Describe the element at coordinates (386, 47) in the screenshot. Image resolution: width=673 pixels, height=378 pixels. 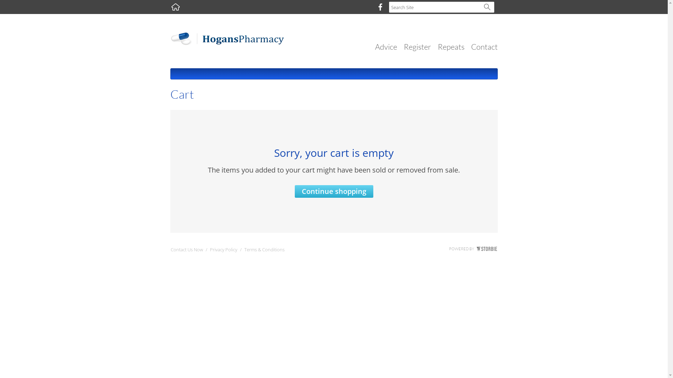
I see `'Advice'` at that location.